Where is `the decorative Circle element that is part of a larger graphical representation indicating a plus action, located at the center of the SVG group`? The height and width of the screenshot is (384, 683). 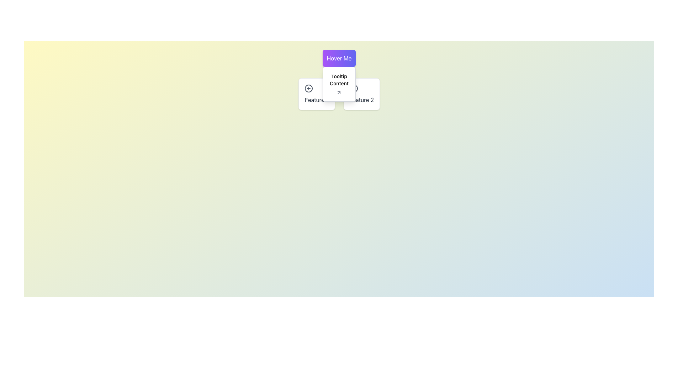 the decorative Circle element that is part of a larger graphical representation indicating a plus action, located at the center of the SVG group is located at coordinates (308, 88).